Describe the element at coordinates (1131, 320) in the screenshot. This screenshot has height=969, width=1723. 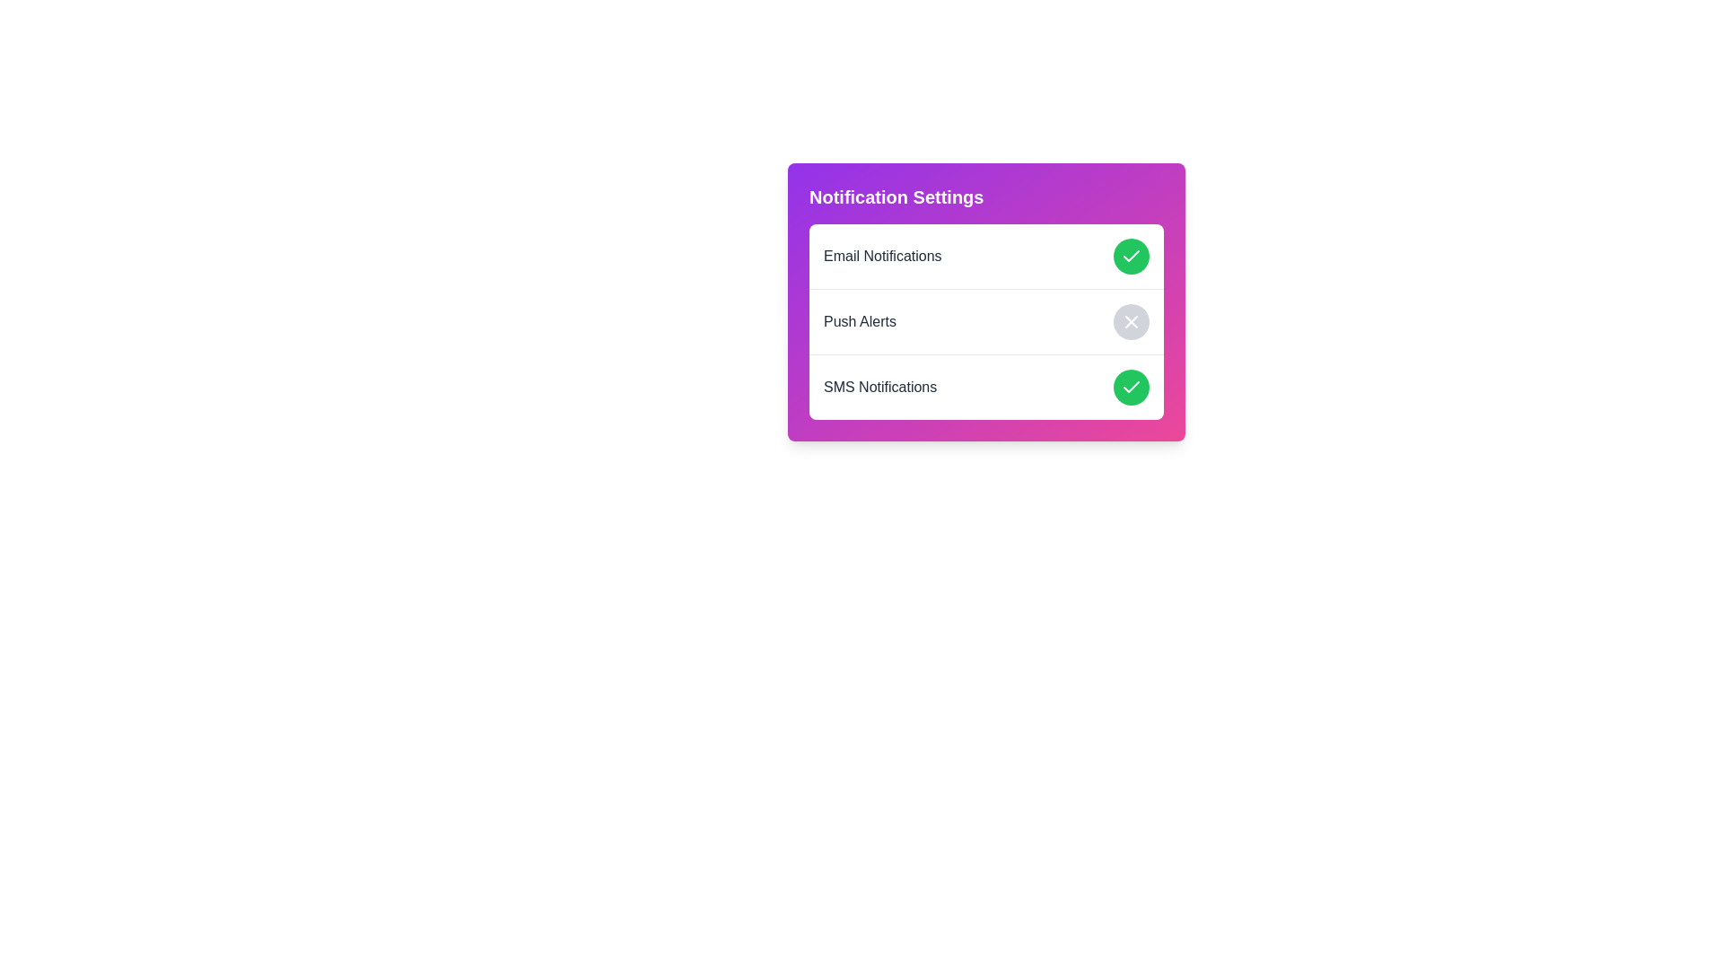
I see `the close button located on the right side of the 'Push Alerts' row in the notification settings panel` at that location.